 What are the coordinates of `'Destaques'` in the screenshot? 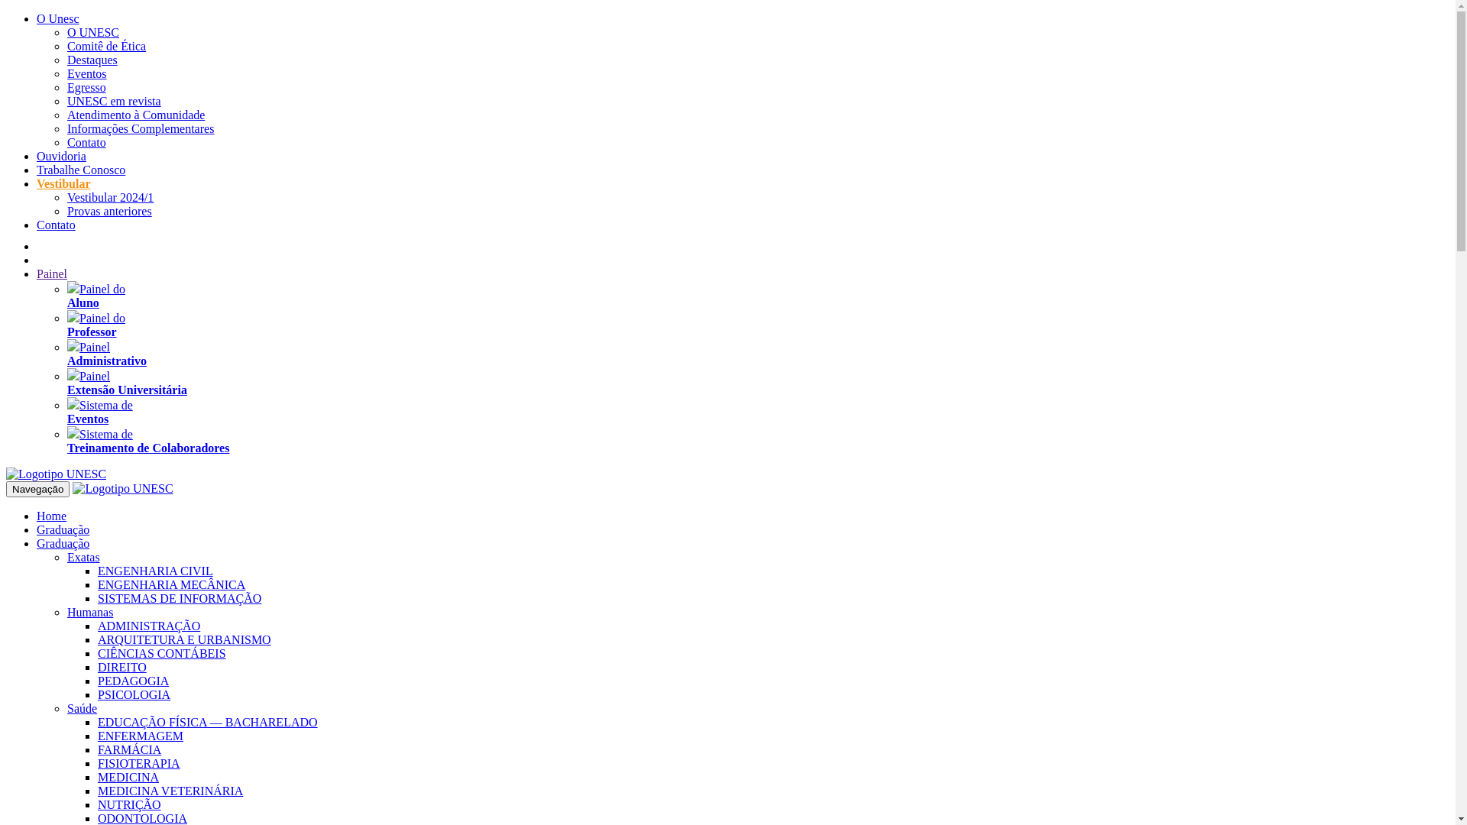 It's located at (91, 59).